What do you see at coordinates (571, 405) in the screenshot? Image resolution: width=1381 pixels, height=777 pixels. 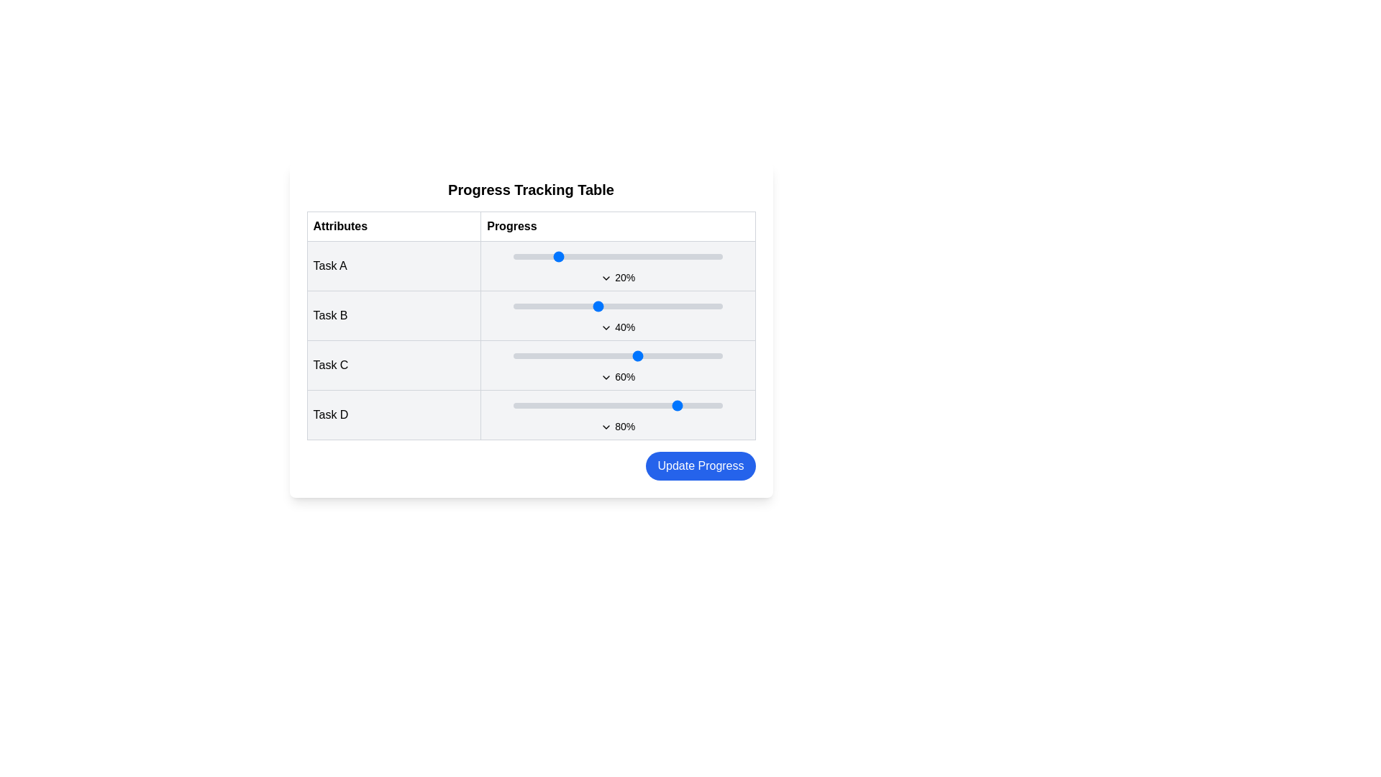 I see `task progress` at bounding box center [571, 405].